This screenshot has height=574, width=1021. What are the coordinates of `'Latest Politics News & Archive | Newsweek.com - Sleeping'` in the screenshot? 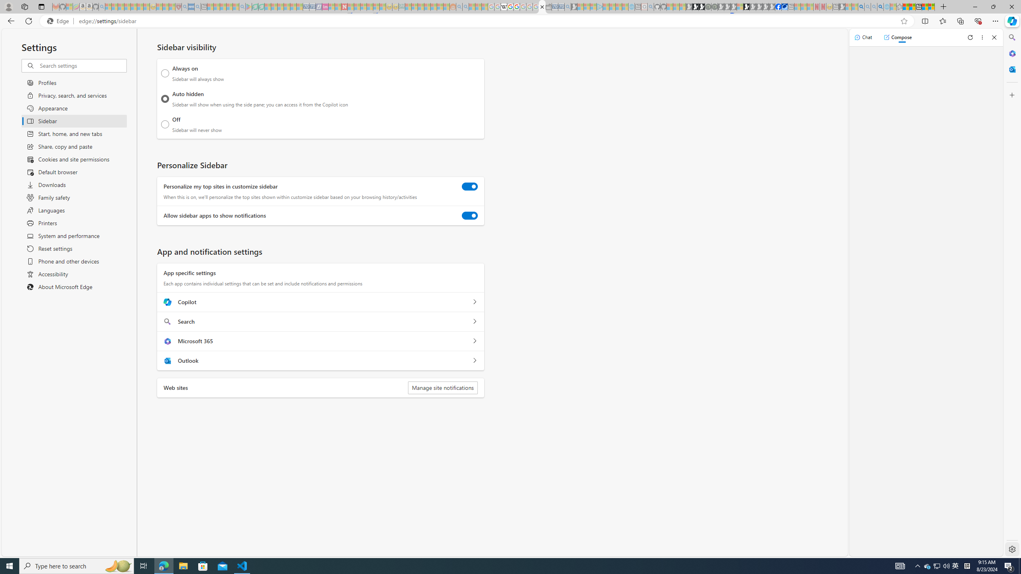 It's located at (345, 6).